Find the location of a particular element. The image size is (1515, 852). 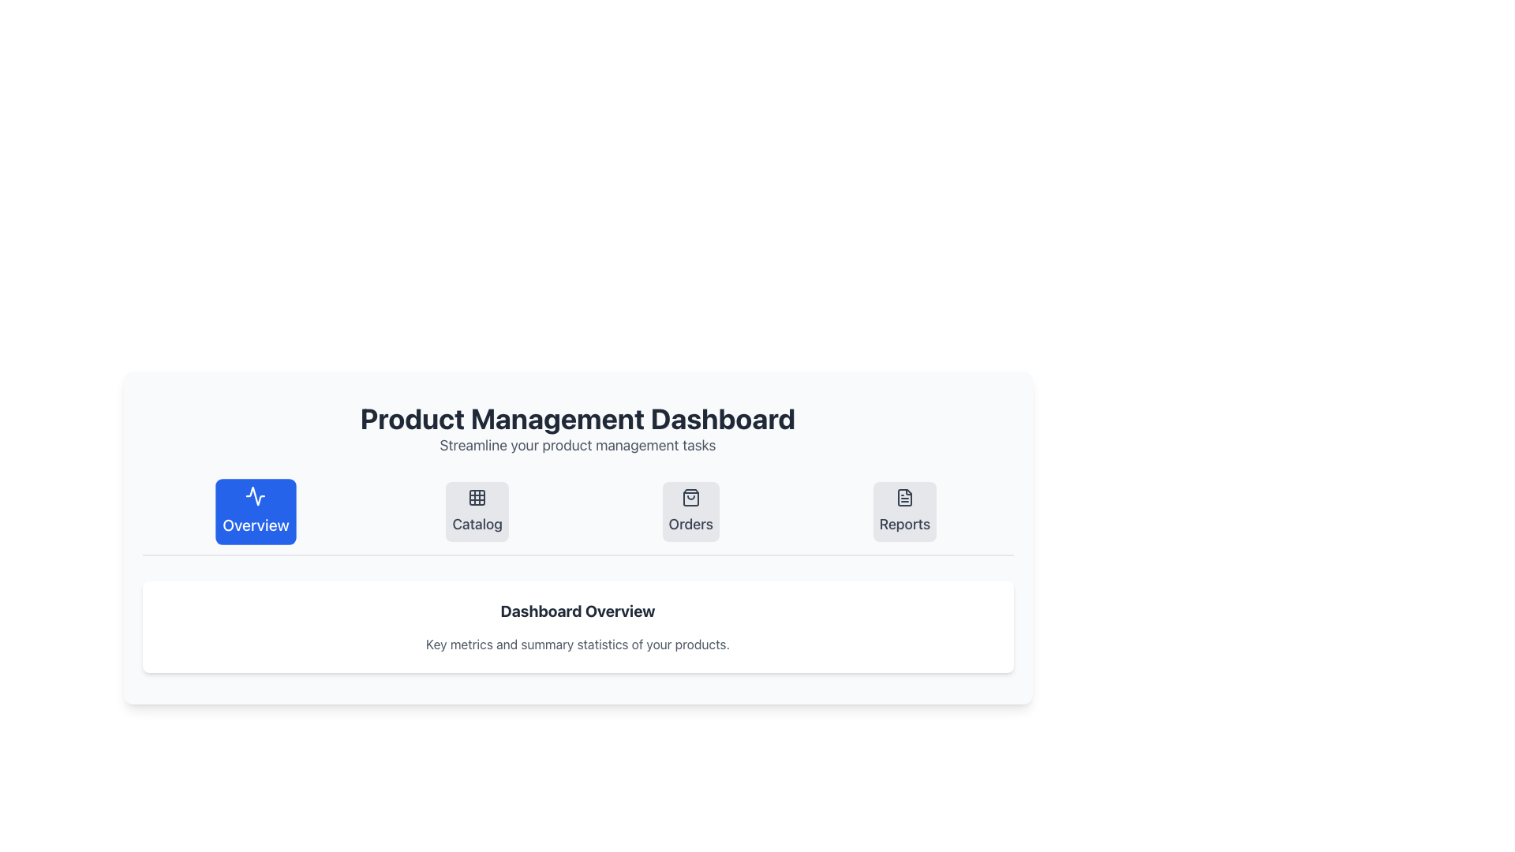

the icon within the 'Overview' button located on the leftmost side of the button group is located at coordinates (256, 495).